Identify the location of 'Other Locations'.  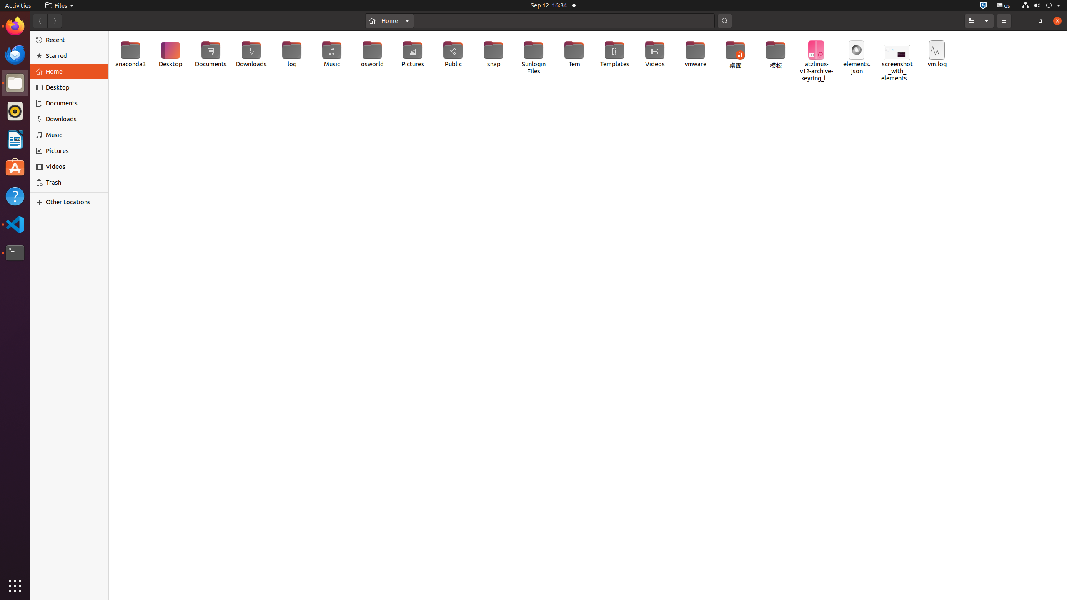
(73, 201).